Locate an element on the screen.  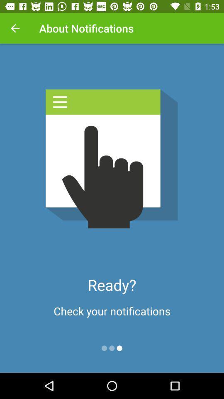
the icon to the left of the about notifications item is located at coordinates (15, 28).